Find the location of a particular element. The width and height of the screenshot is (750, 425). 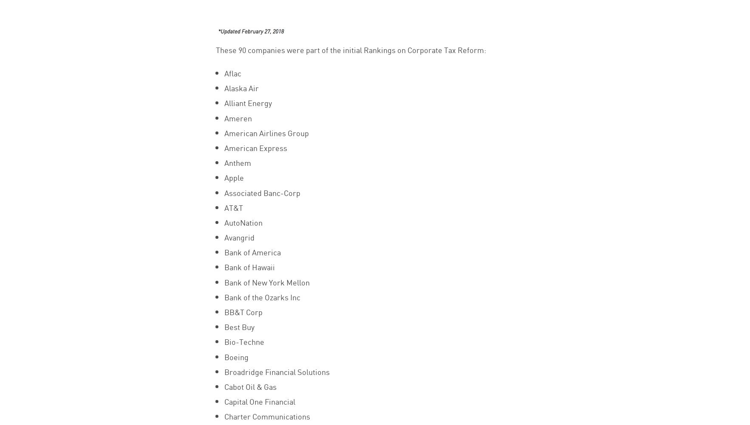

'Charter Communications' is located at coordinates (224, 415).